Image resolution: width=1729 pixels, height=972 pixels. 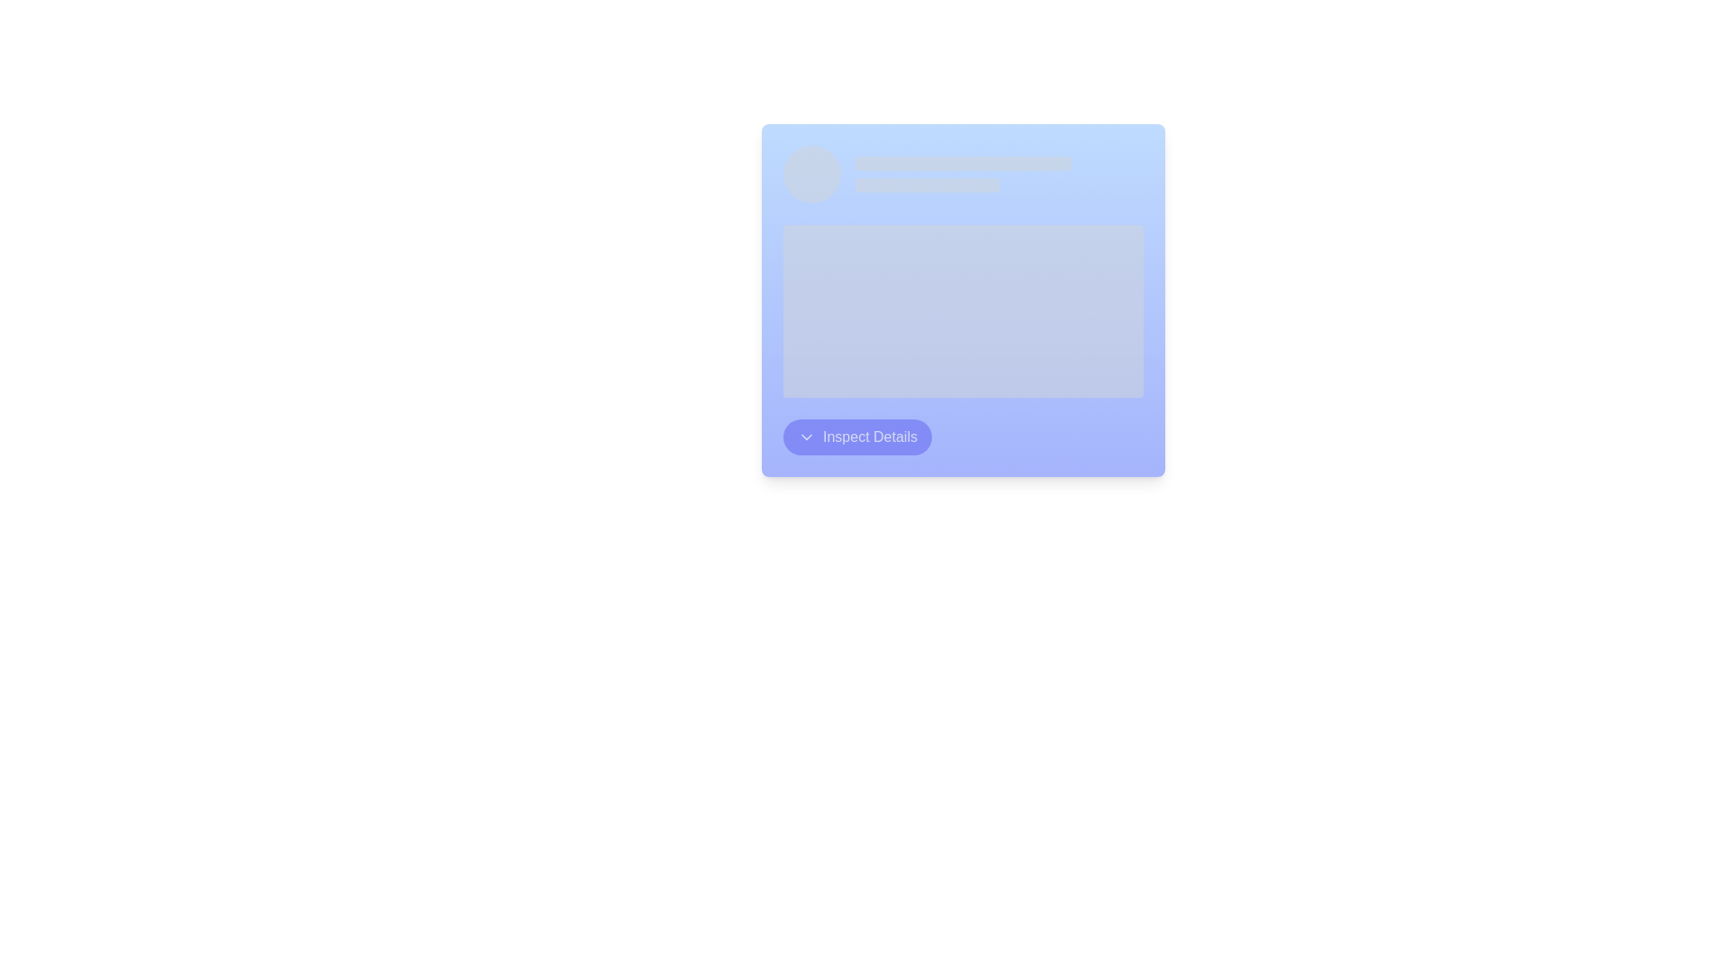 What do you see at coordinates (927, 184) in the screenshot?
I see `the second horizontal progress indicator bar with rounded edges, which is located in the top-middle portion of the interface, beneath a circular element` at bounding box center [927, 184].